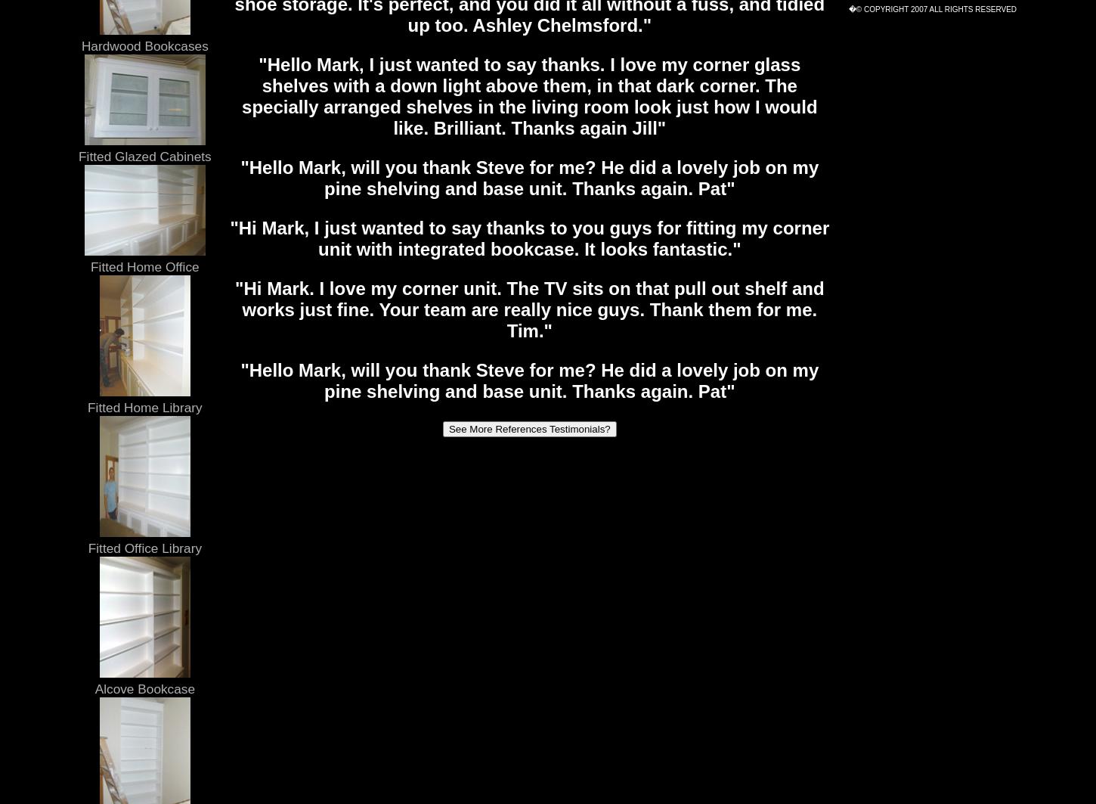 This screenshot has height=804, width=1096. What do you see at coordinates (144, 688) in the screenshot?
I see `'Alcove Bookcase'` at bounding box center [144, 688].